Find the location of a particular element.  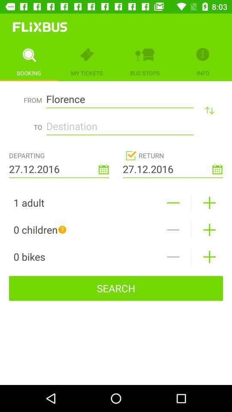

subtract option is located at coordinates (173, 203).